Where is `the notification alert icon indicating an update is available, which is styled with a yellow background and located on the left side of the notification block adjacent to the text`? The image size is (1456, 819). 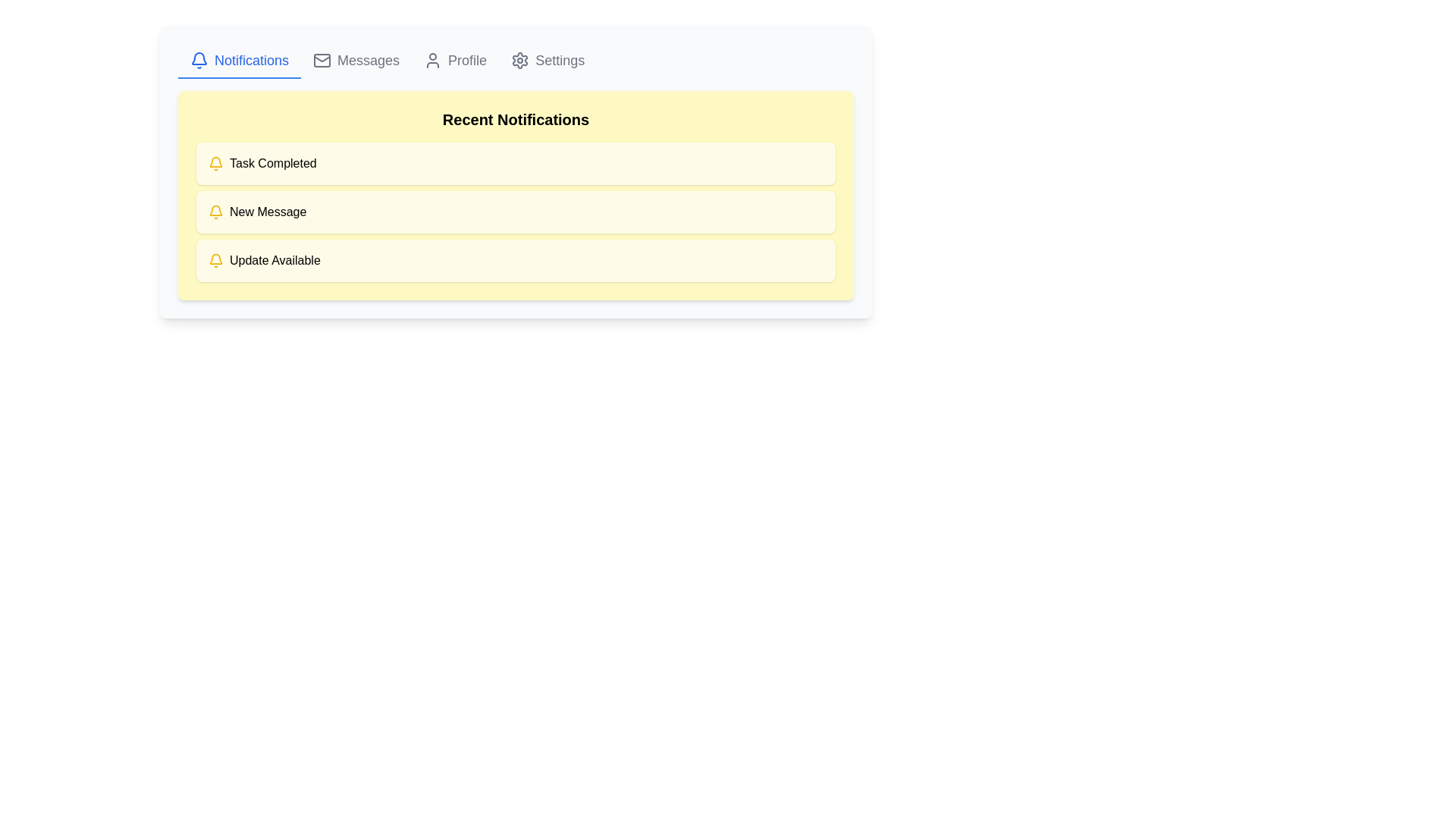
the notification alert icon indicating an update is available, which is styled with a yellow background and located on the left side of the notification block adjacent to the text is located at coordinates (215, 259).